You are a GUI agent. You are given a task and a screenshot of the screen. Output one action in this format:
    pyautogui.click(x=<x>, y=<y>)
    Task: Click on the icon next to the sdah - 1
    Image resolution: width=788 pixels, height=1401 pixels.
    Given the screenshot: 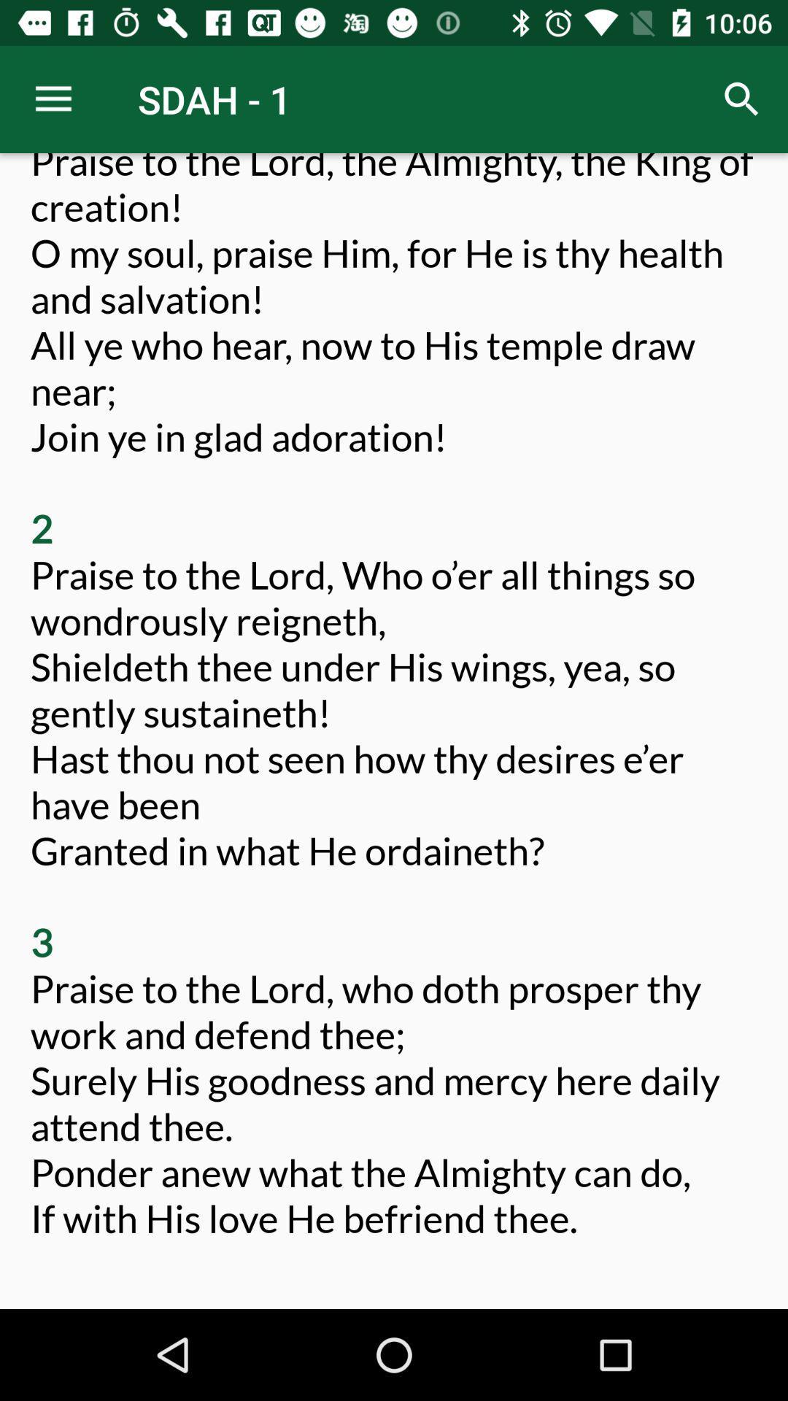 What is the action you would take?
    pyautogui.click(x=742, y=99)
    